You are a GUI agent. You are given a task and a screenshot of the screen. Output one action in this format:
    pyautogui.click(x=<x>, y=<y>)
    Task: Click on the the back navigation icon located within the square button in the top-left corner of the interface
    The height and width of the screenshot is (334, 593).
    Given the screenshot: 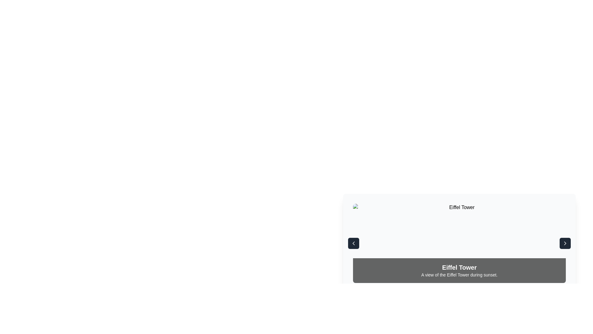 What is the action you would take?
    pyautogui.click(x=354, y=243)
    